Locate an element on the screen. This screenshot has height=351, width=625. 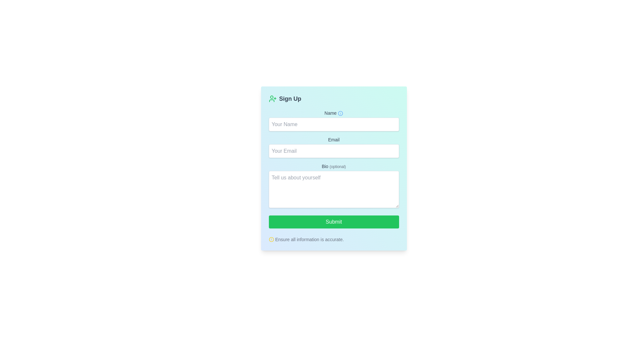
the informational icon located immediately after the 'Name' label, which provides tool-tip or additional help is located at coordinates (340, 113).